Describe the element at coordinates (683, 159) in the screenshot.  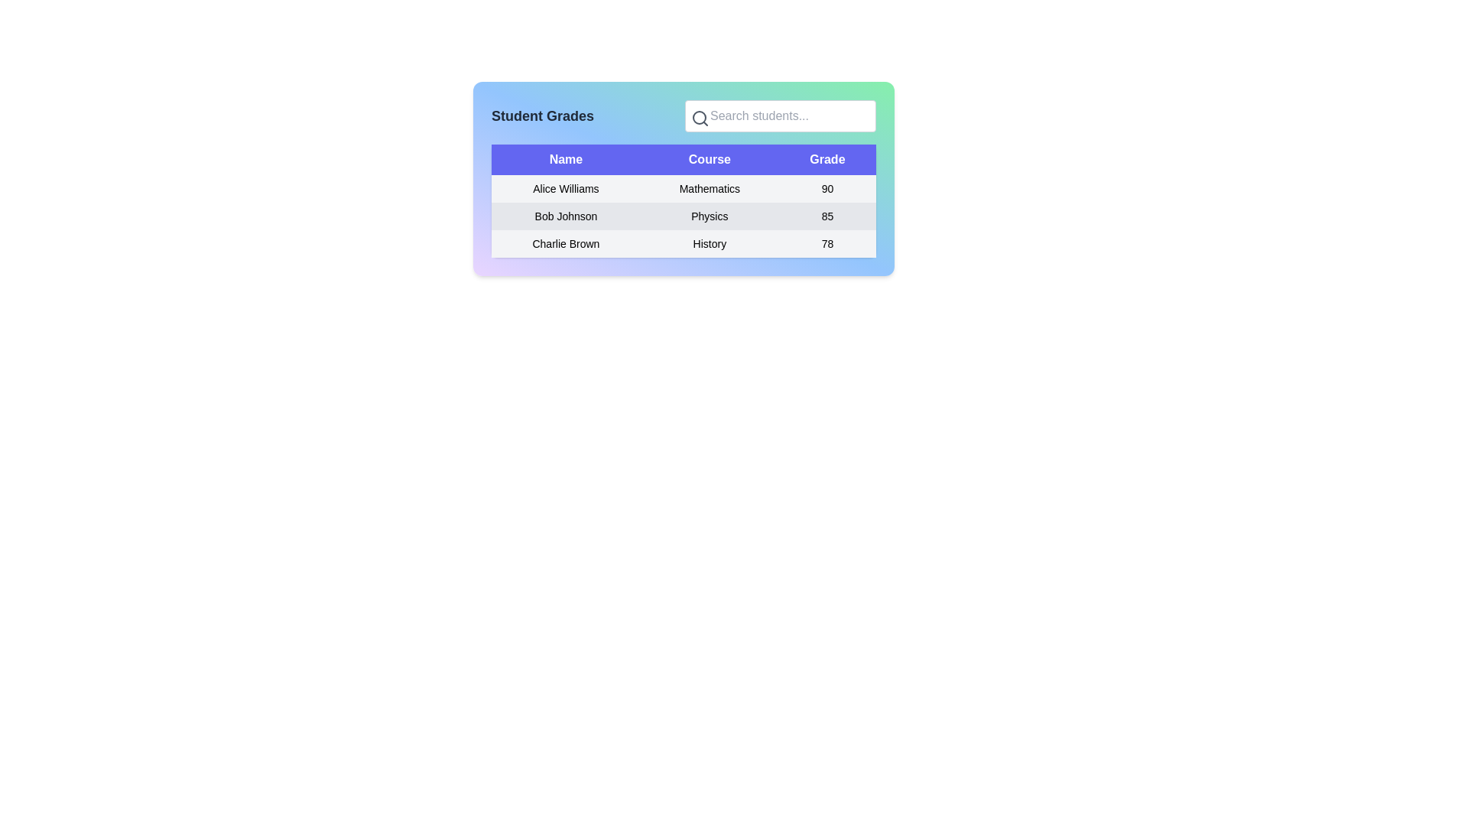
I see `the individual column header of the Table Header Row, which includes labels for 'Name', 'Course', and 'Grade'. This element is positioned directly below the 'Student Grades' title and spans the width of the table` at that location.